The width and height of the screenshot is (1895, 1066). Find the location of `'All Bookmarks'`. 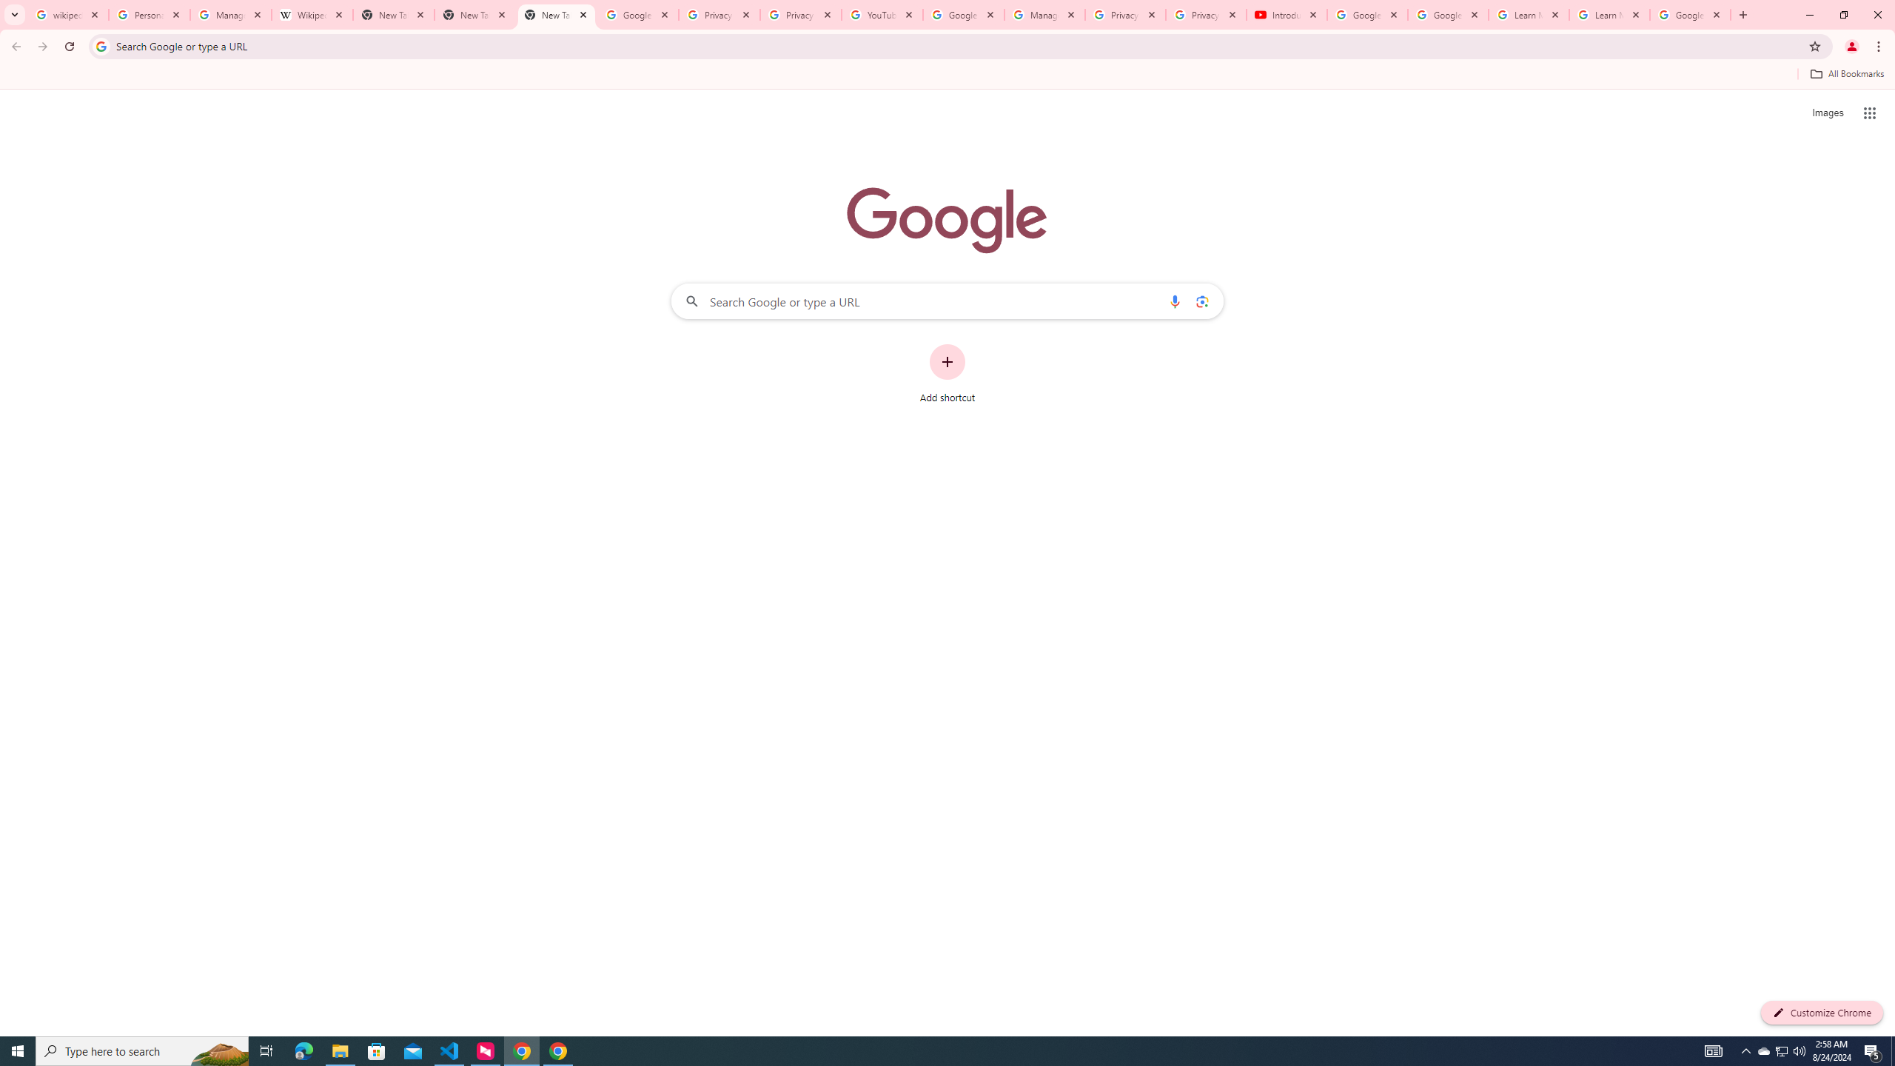

'All Bookmarks' is located at coordinates (1846, 73).